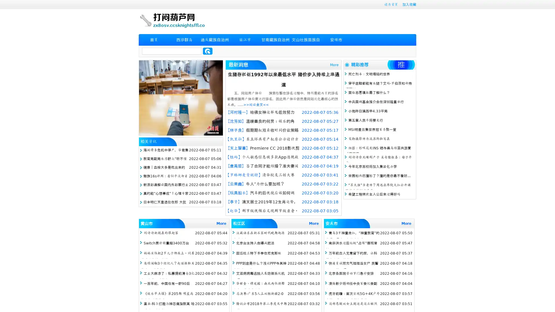 The height and width of the screenshot is (312, 555). I want to click on Search, so click(208, 51).